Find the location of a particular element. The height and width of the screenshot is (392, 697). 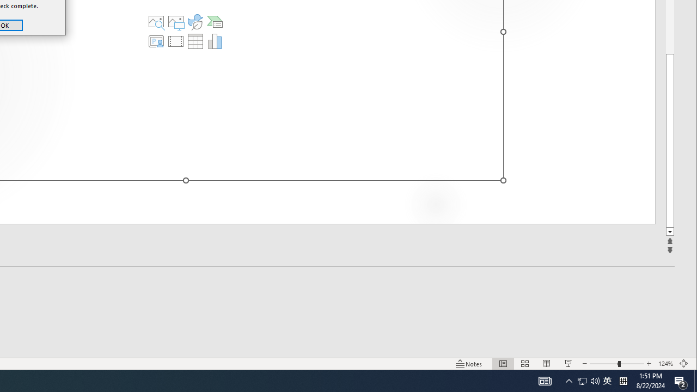

'Zoom 124%' is located at coordinates (665, 364).